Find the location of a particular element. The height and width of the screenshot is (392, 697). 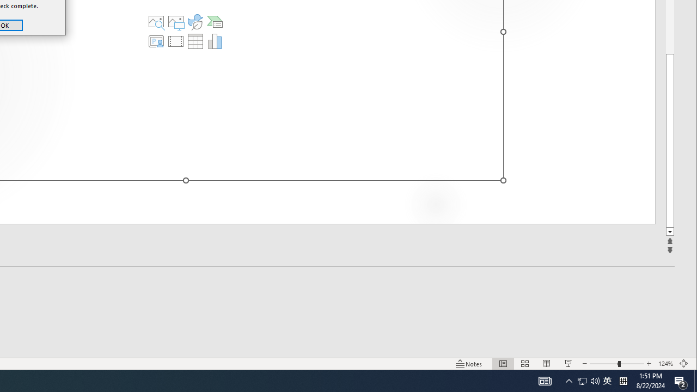

'Zoom 124%' is located at coordinates (665, 364).